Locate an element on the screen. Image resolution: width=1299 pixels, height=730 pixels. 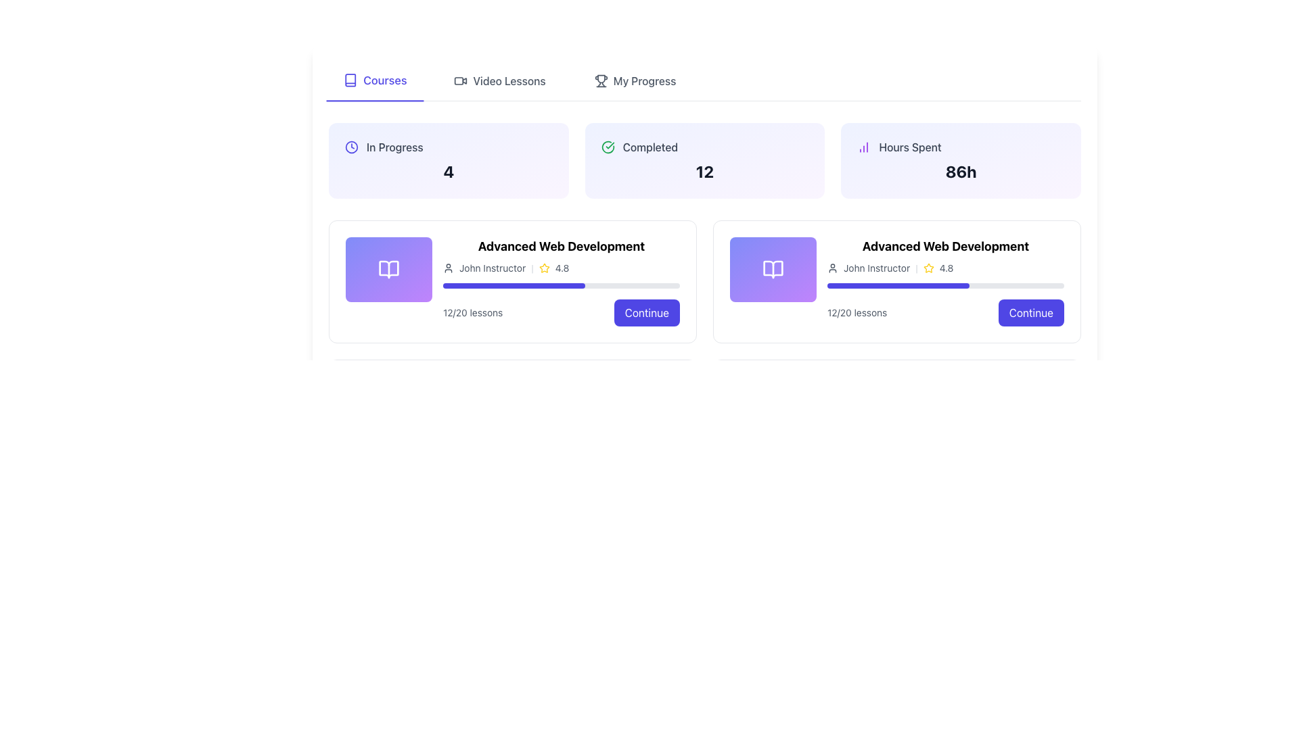
the progress value displayed in the text element located under the 'Advanced Web Development' section, below the progress bar and to the left of the 'Continue' button is located at coordinates (857, 312).